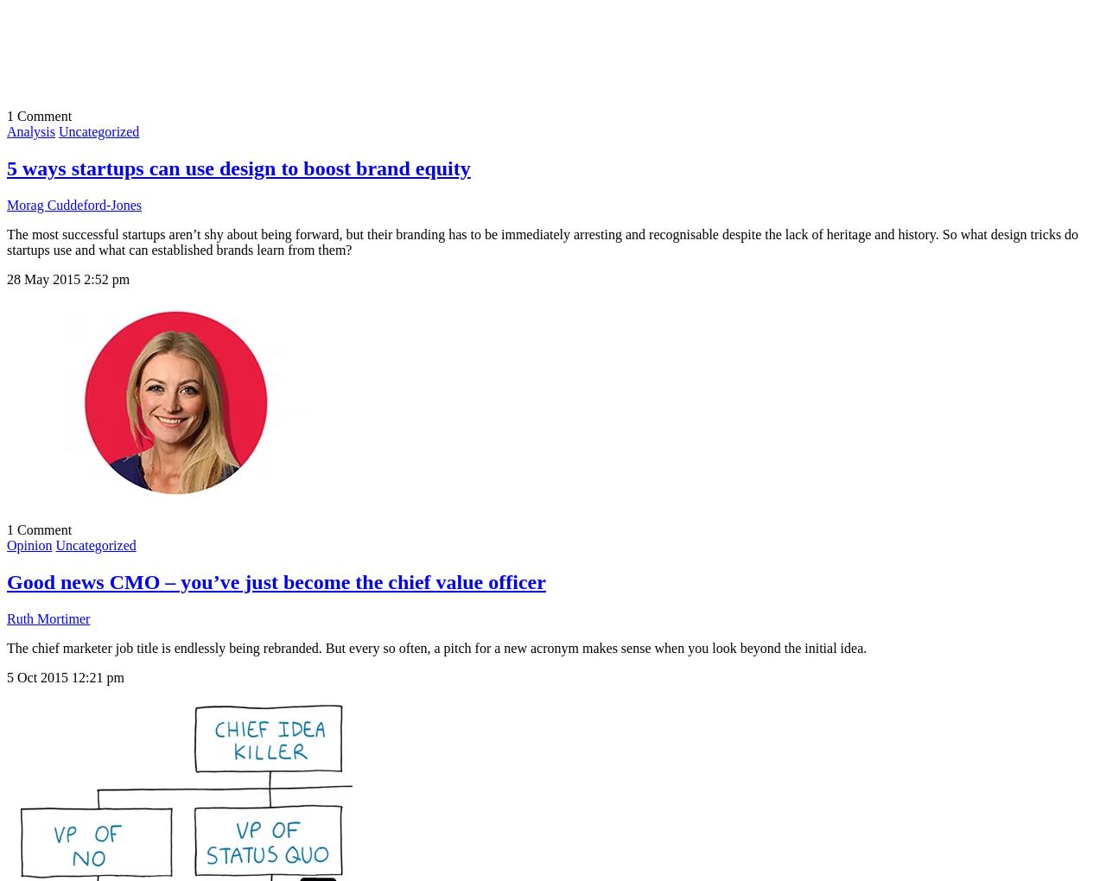  What do you see at coordinates (237, 168) in the screenshot?
I see `'5 ways startups can use design to boost brand equity'` at bounding box center [237, 168].